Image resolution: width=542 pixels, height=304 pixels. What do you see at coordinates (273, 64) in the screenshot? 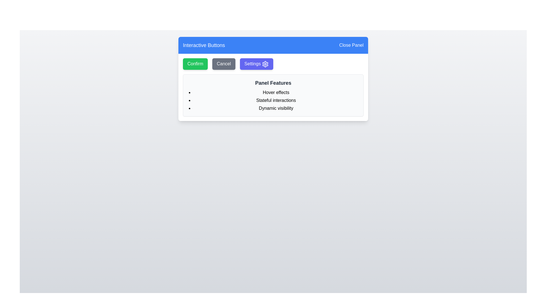
I see `the 'Settings' button in the horizontal button group` at bounding box center [273, 64].